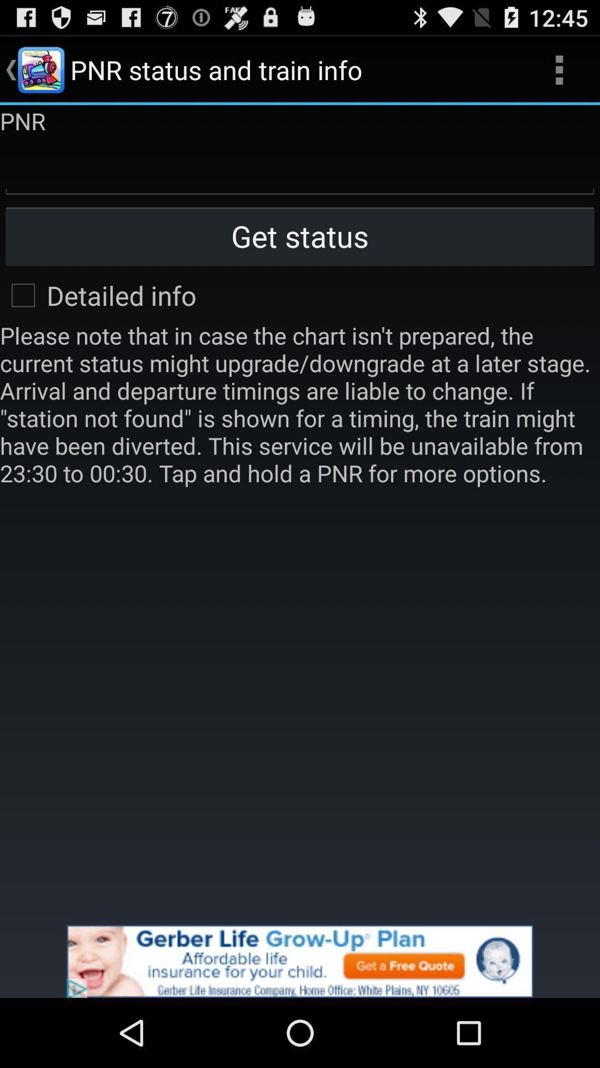 Image resolution: width=600 pixels, height=1068 pixels. Describe the element at coordinates (300, 961) in the screenshot. I see `its an advertisement` at that location.